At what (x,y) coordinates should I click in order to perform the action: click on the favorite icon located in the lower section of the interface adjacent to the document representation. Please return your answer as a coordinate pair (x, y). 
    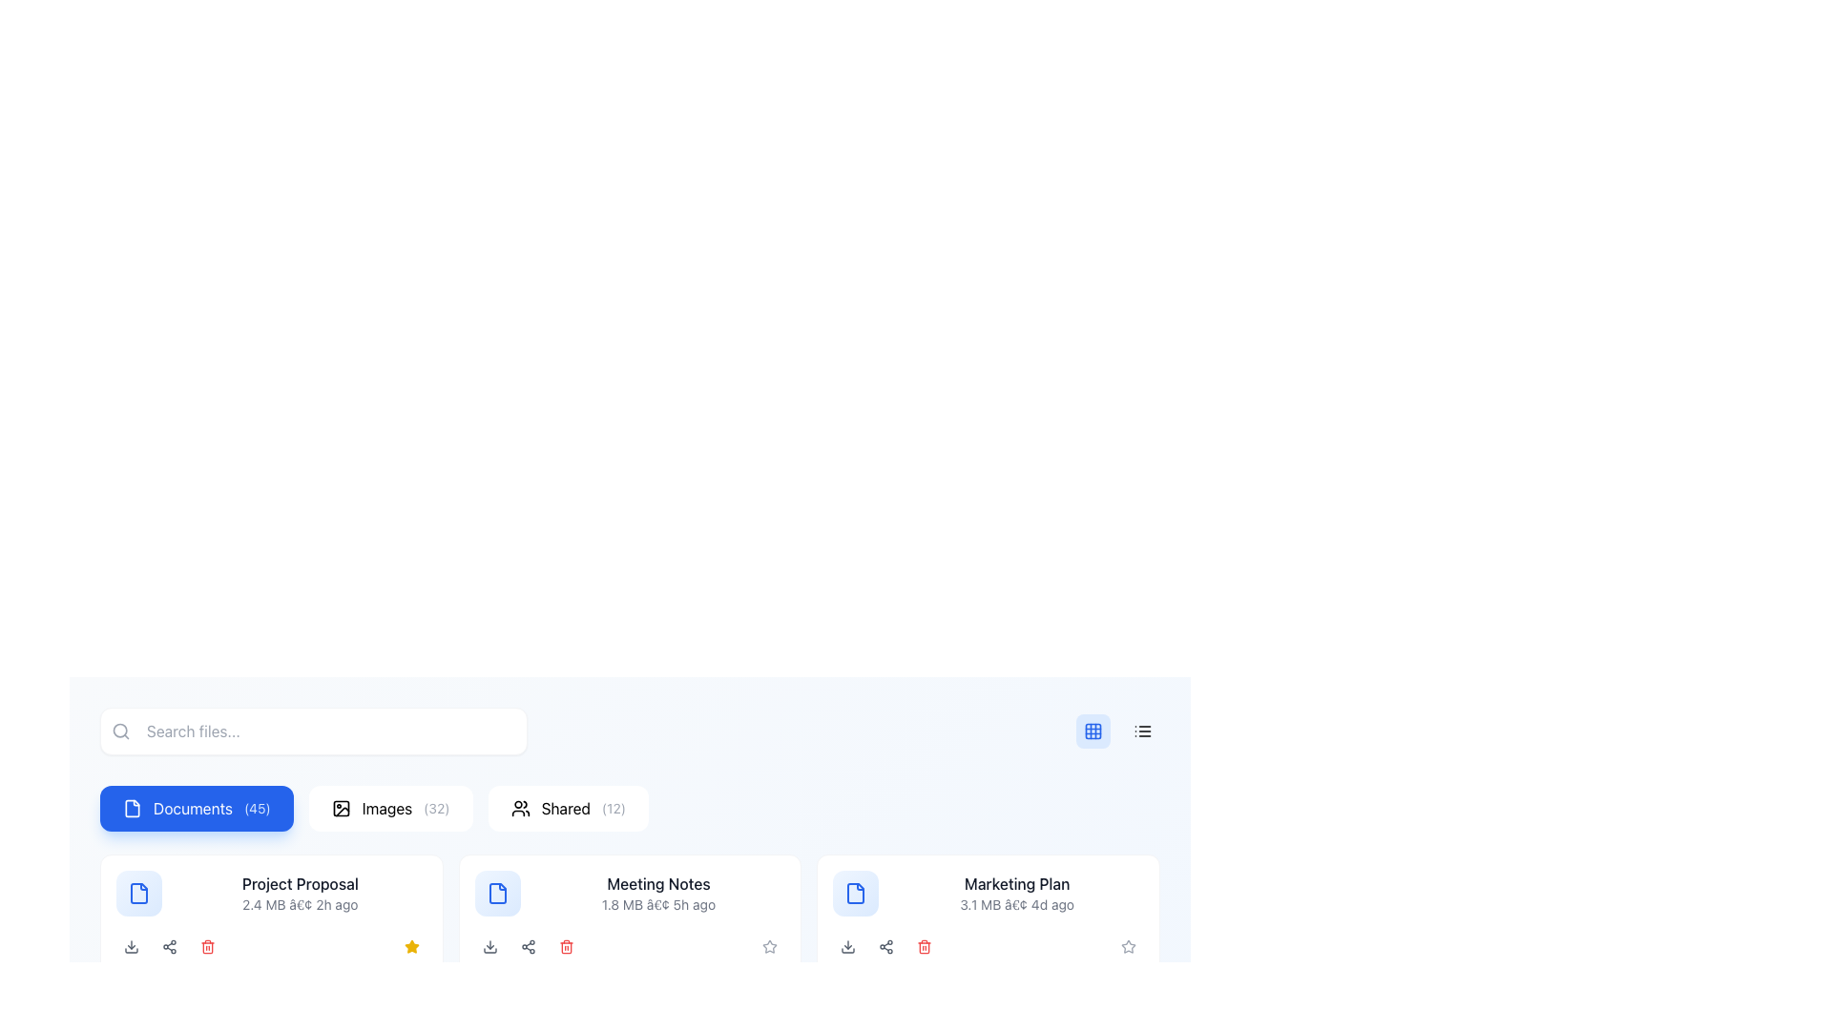
    Looking at the image, I should click on (410, 946).